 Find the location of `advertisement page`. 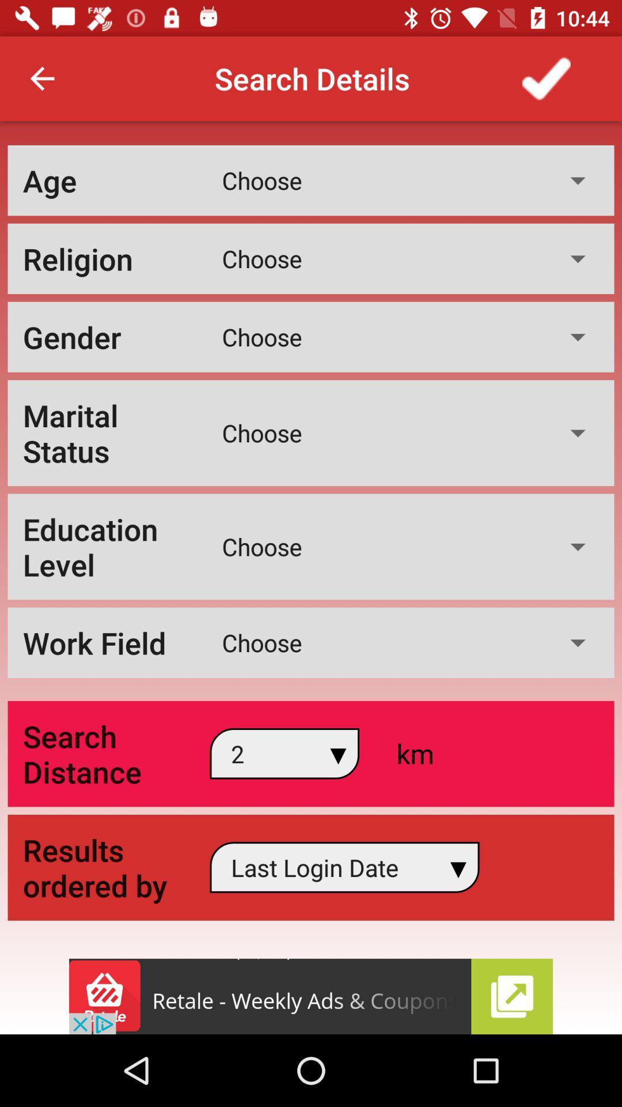

advertisement page is located at coordinates (311, 996).